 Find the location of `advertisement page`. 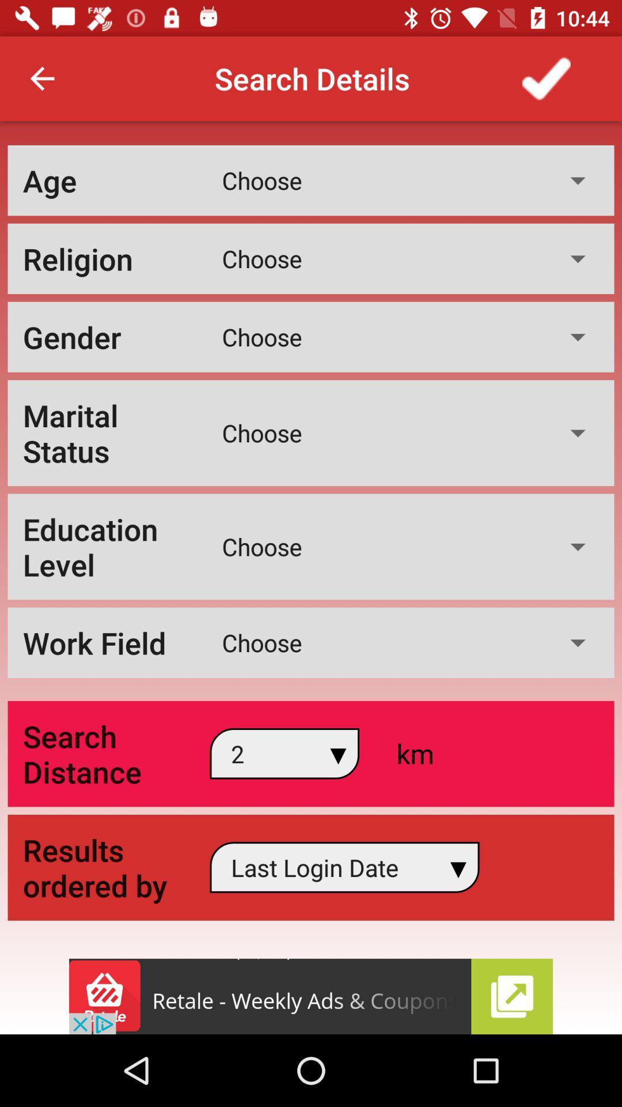

advertisement page is located at coordinates (311, 996).